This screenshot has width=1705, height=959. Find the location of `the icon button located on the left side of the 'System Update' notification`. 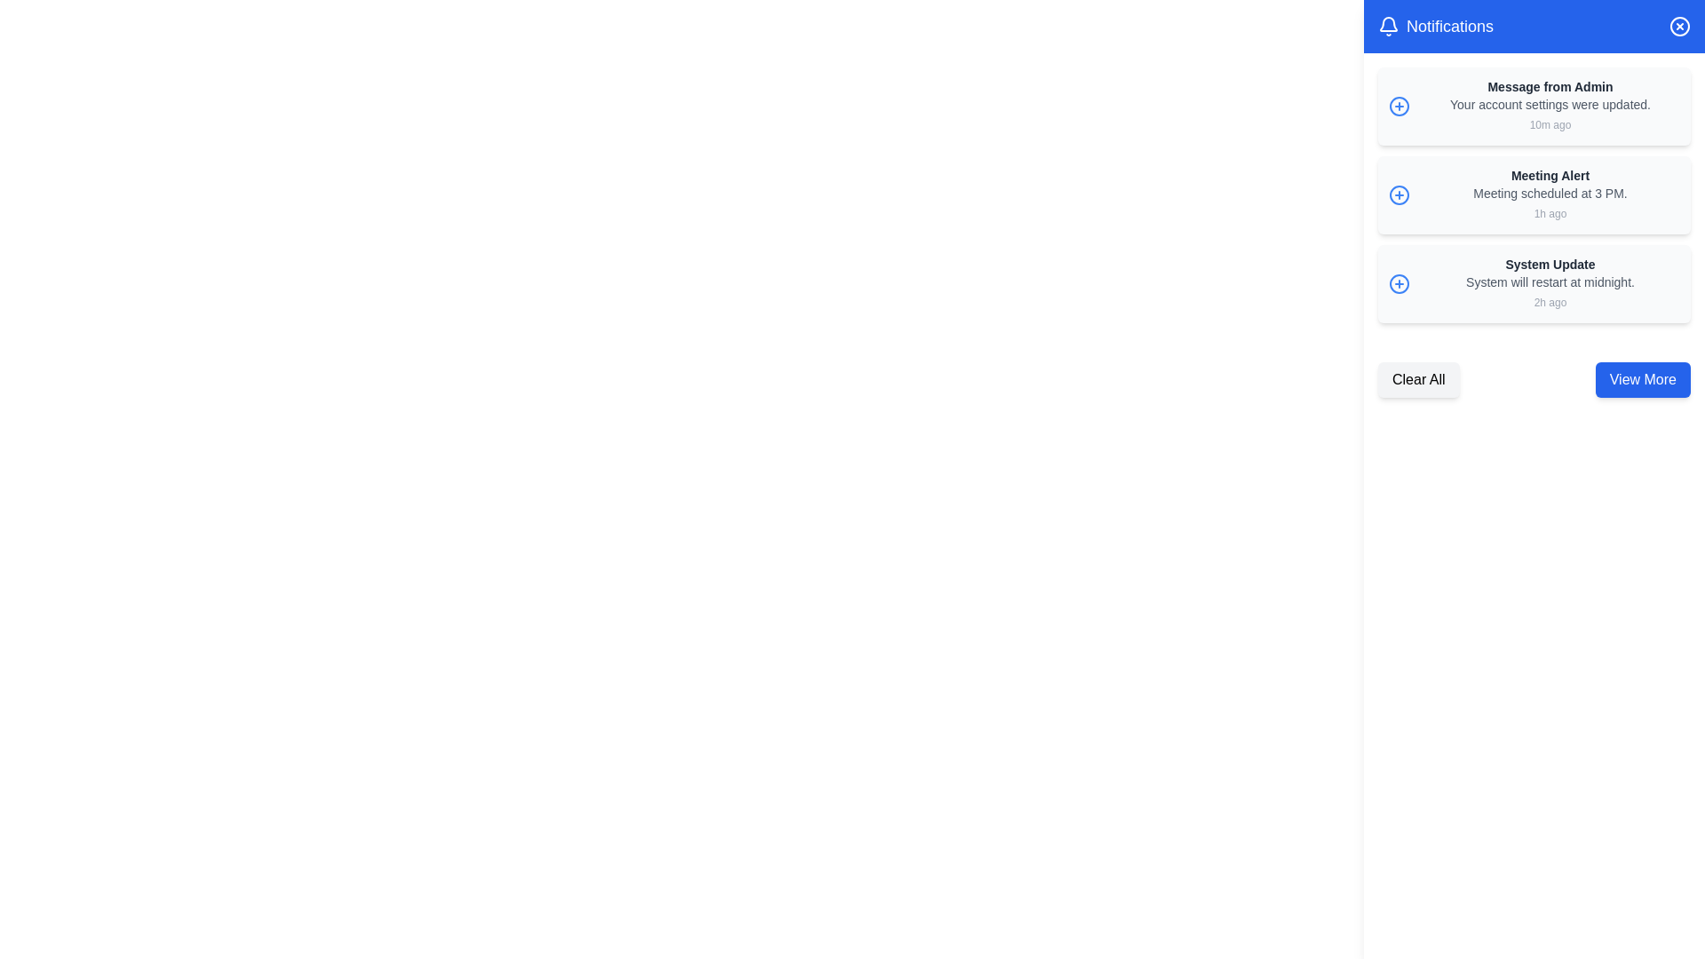

the icon button located on the left side of the 'System Update' notification is located at coordinates (1398, 283).